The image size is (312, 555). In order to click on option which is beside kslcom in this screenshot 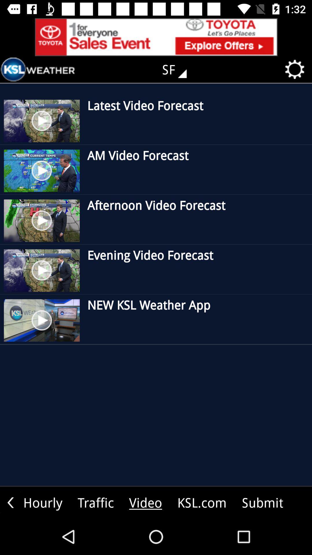, I will do `click(263, 502)`.